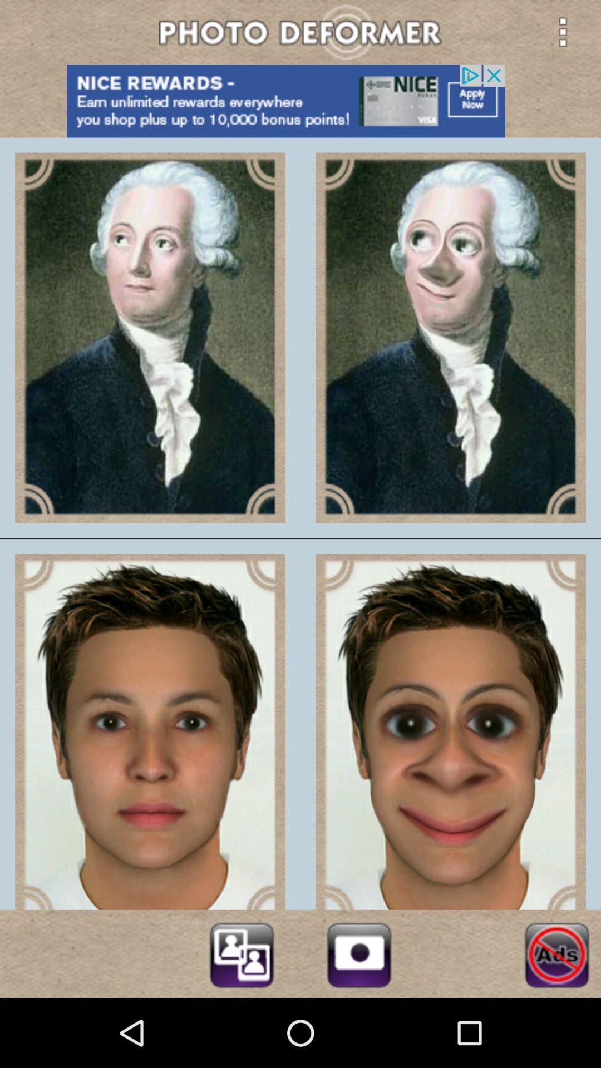 Image resolution: width=601 pixels, height=1068 pixels. What do you see at coordinates (563, 32) in the screenshot?
I see `menu button` at bounding box center [563, 32].